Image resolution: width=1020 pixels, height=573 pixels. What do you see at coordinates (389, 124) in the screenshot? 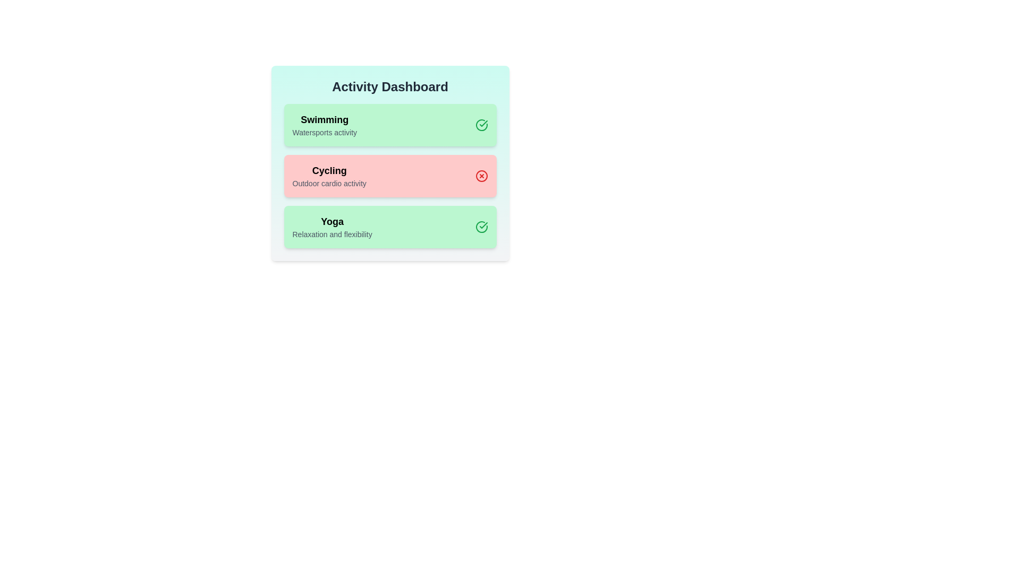
I see `the card labeled 'Swimming'` at bounding box center [389, 124].